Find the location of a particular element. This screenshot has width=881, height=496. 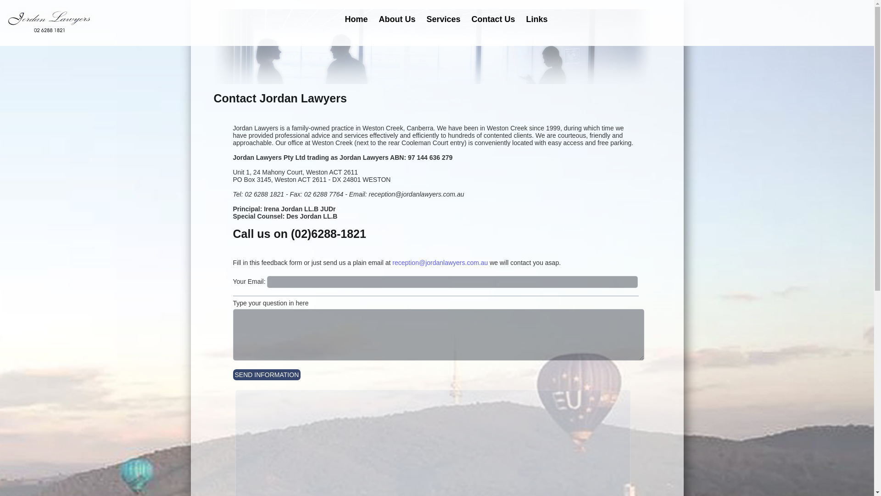

'reception@jordanlawyers.com.au' is located at coordinates (440, 262).